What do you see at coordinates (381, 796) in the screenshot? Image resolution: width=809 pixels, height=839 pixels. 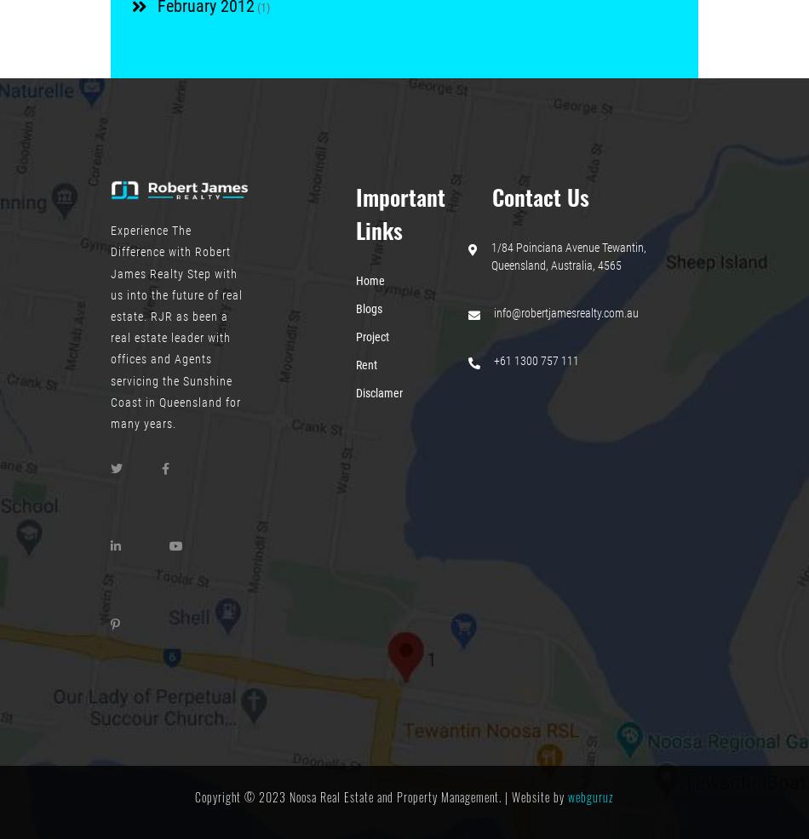 I see `'Copyright © 2023 Noosa Real Estate and Property Management. | Website by'` at bounding box center [381, 796].